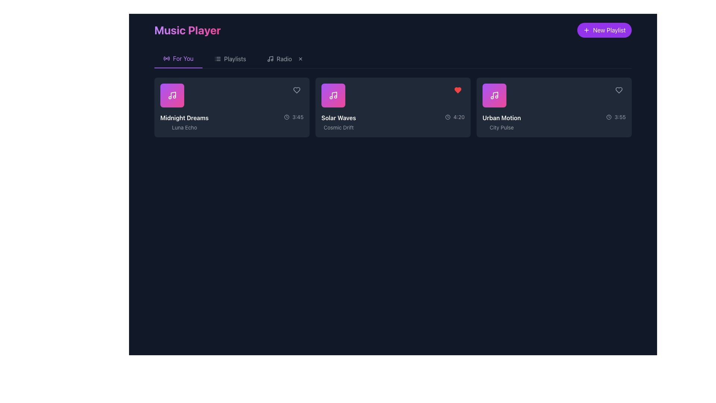  I want to click on the 'For You' Navigation Tab element, which is characterized by a purple icon resembling radio waves and bold purple text, so click(178, 59).